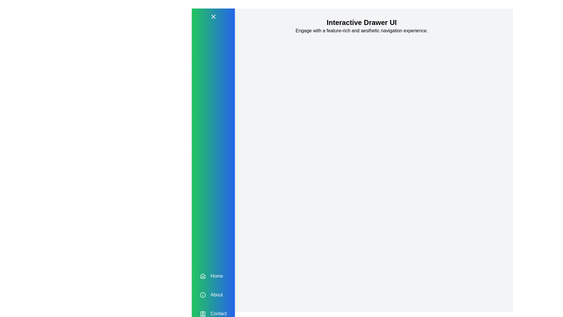  Describe the element at coordinates (213, 16) in the screenshot. I see `the button at the top-left corner of the drawer to toggle its open or closed state` at that location.